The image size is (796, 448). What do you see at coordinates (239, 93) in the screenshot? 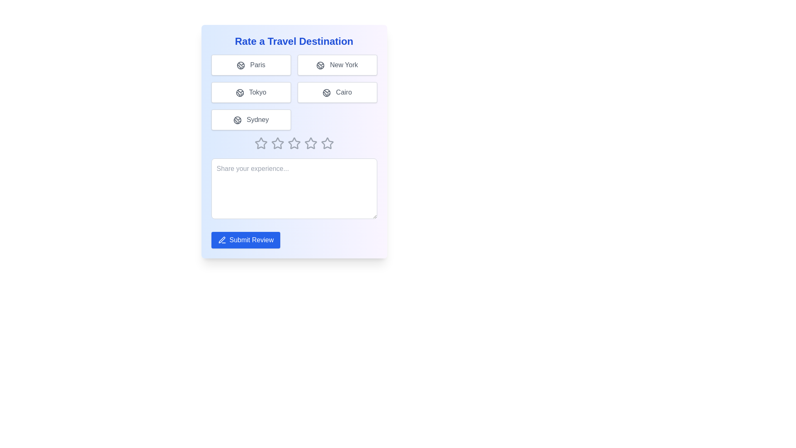
I see `the globe icon located to the left of the text labeled 'Tokyo'` at bounding box center [239, 93].